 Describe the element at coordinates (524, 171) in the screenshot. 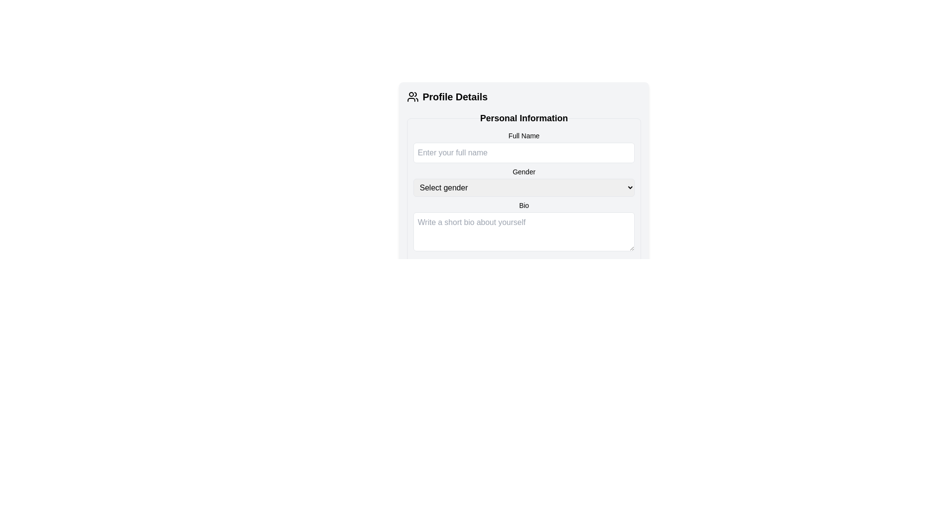

I see `the Text label that indicates the dropdown field for selecting the user's gender, positioned above the 'Select gender' dropdown in the 'Personal Information' section of the 'Profile Details' form` at that location.